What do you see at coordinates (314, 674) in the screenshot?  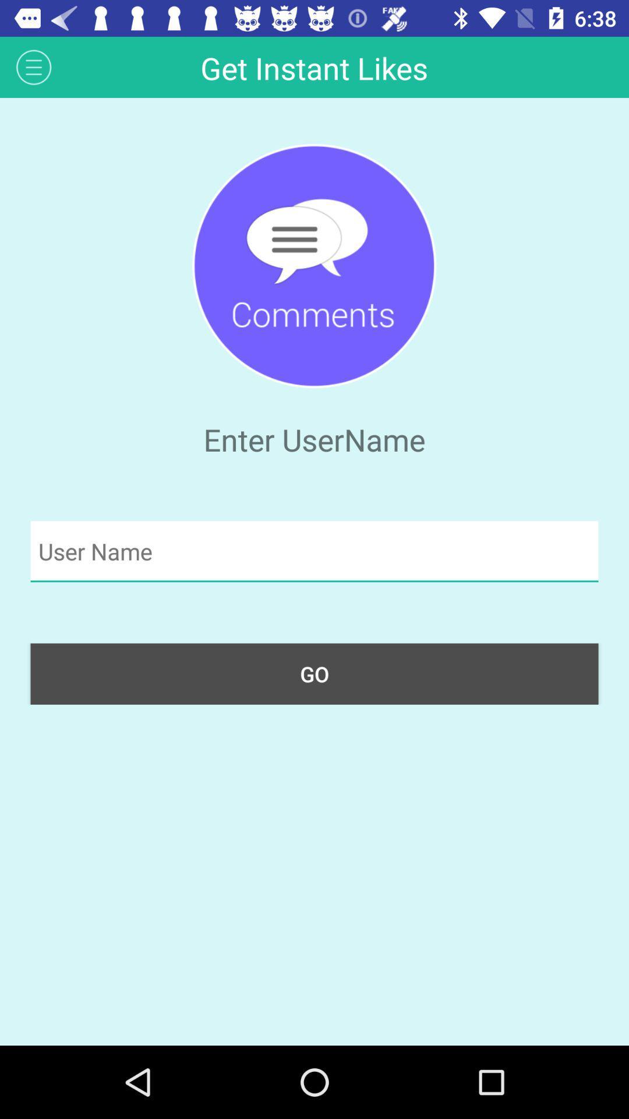 I see `the go item` at bounding box center [314, 674].